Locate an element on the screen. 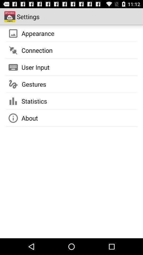  icon below the gestures item is located at coordinates (34, 101).